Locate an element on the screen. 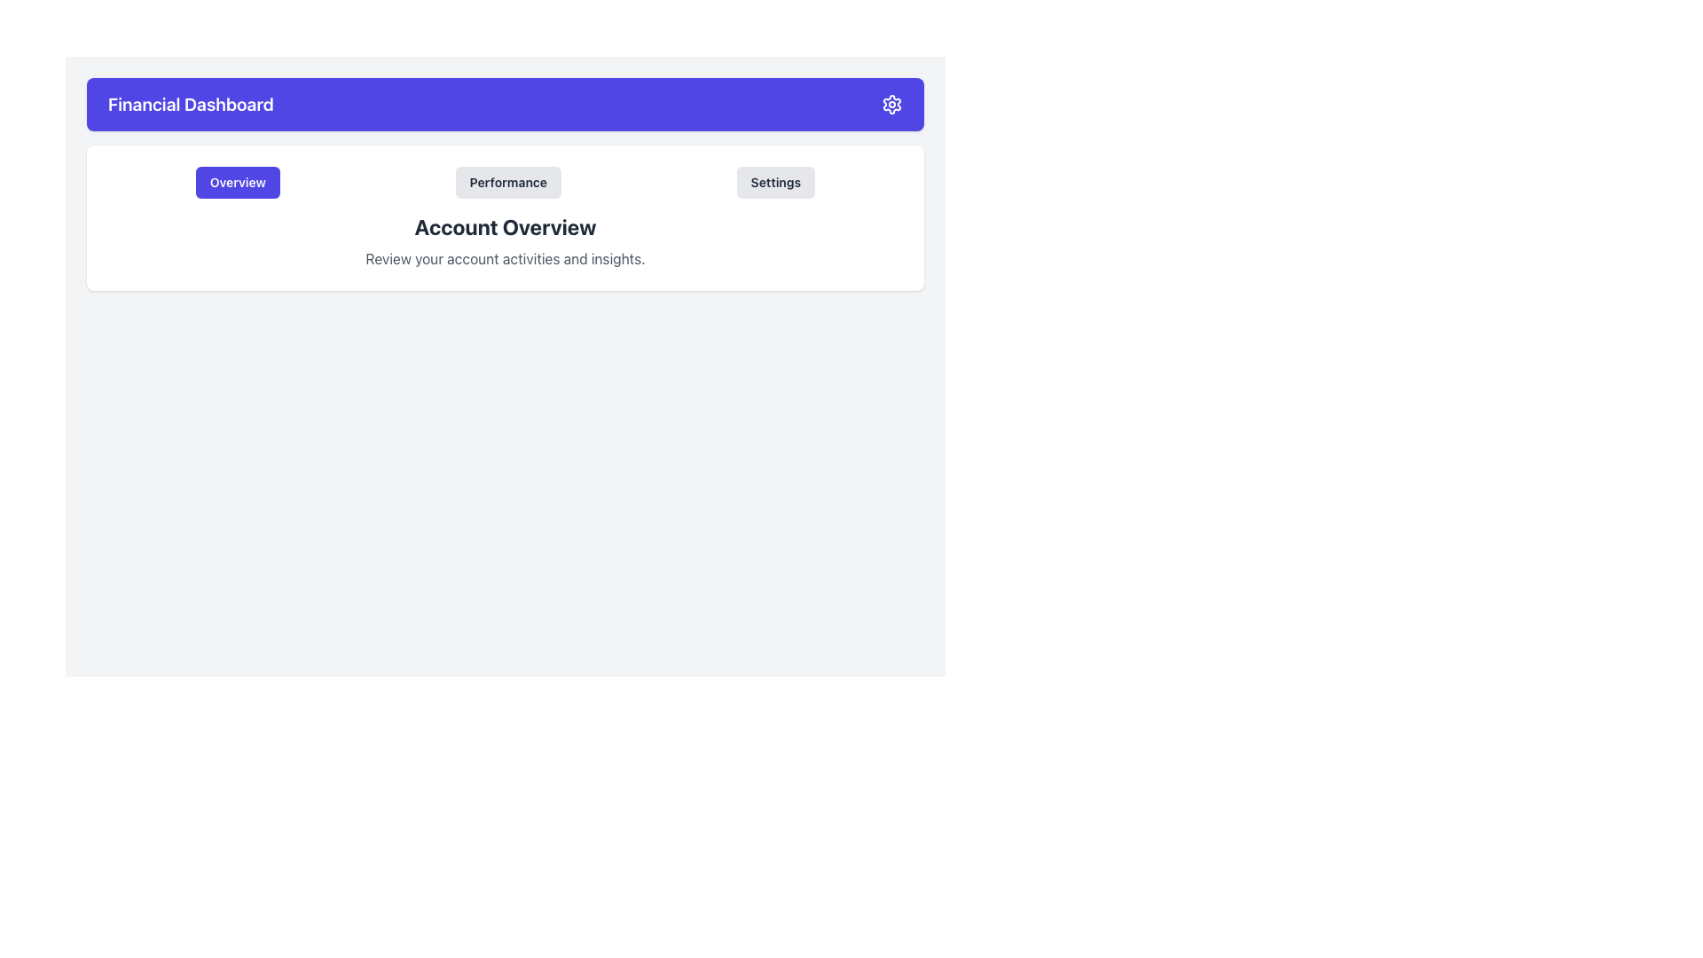  the settings icon represented by a gear shape located in the top-right corner of the blue bar titled 'Financial Dashboard' is located at coordinates (892, 105).